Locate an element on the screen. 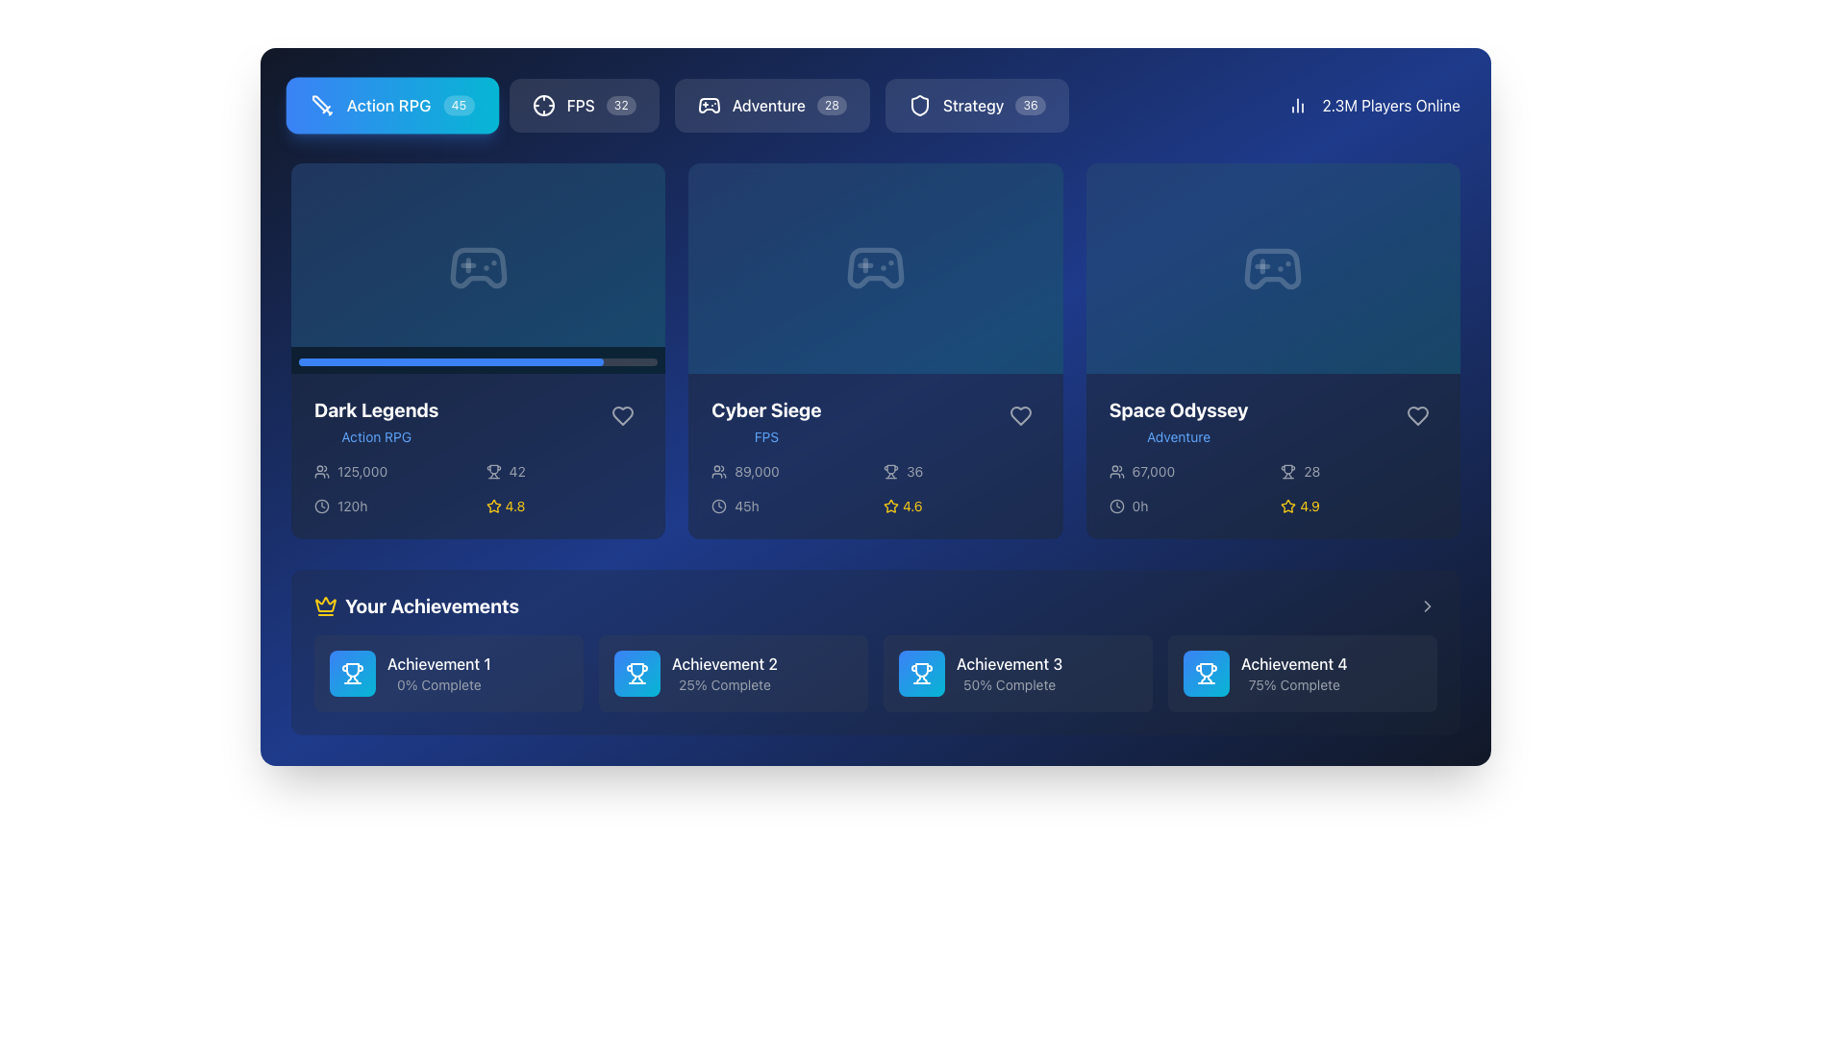 The height and width of the screenshot is (1038, 1846). the white game controller icon that is styled as an outline, located to the left of the text 'Adventure' and the number '28' in the top center section of the interface is located at coordinates (708, 106).